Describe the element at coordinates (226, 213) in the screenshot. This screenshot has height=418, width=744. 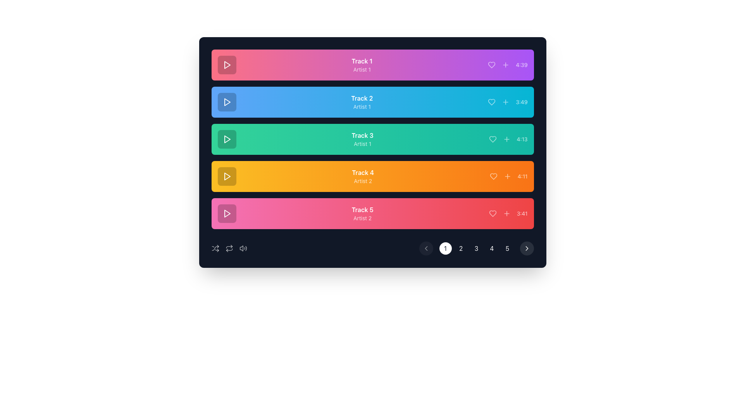
I see `the play button located in the bottom-most track (Track 5) at the leftmost position to initiate playback for the associated track` at that location.